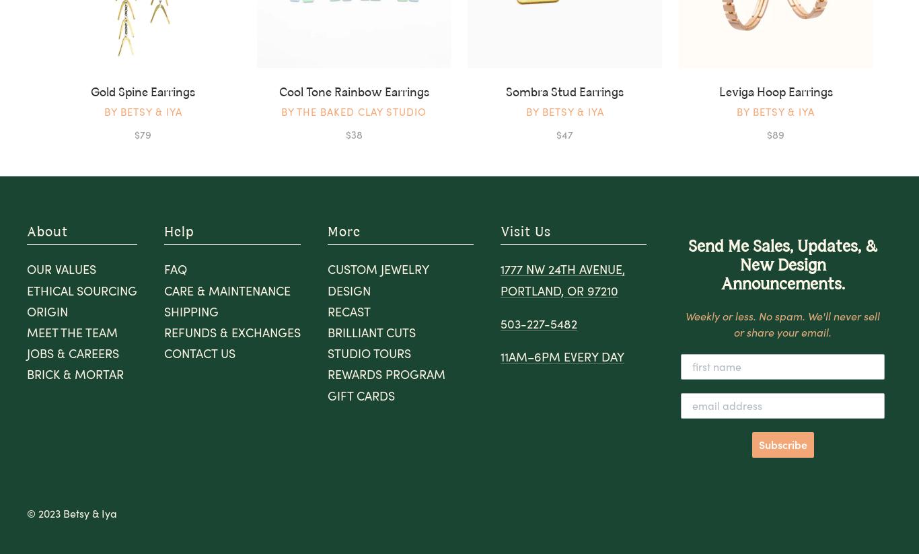  I want to click on 'Weekly or less. No spam. We'll never sell or share your email.', so click(782, 322).